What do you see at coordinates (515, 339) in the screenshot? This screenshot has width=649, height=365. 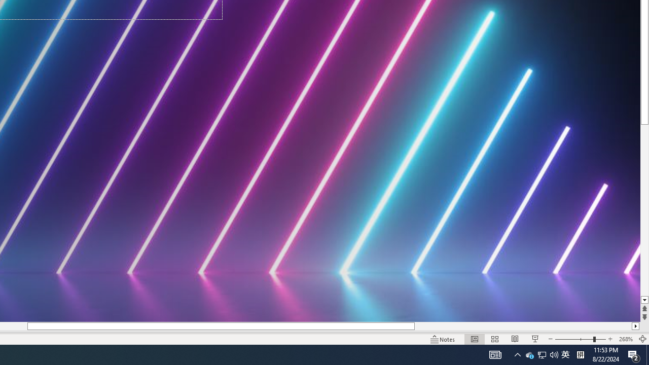 I see `'Reading View'` at bounding box center [515, 339].